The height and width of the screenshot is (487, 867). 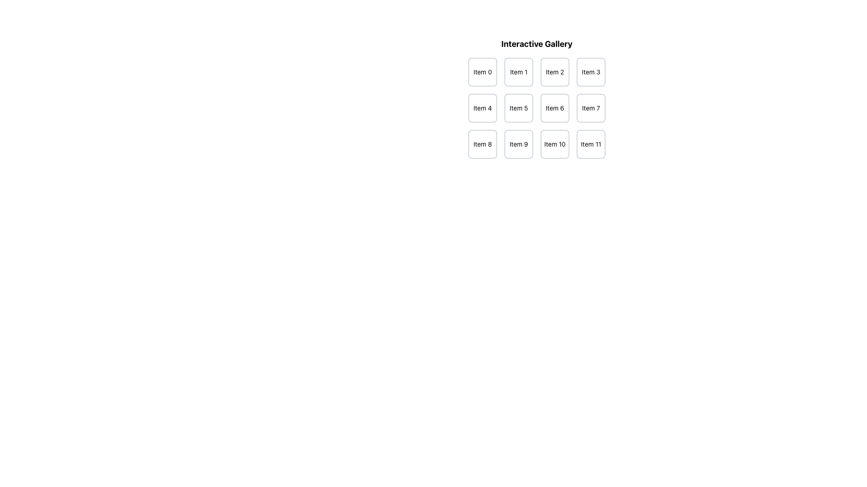 I want to click on the Text Label displaying 'Item 1' in the grid layout, which is located in the second slot of the top row, adjacent to 'Item 0' and 'Item 2', so click(x=518, y=71).